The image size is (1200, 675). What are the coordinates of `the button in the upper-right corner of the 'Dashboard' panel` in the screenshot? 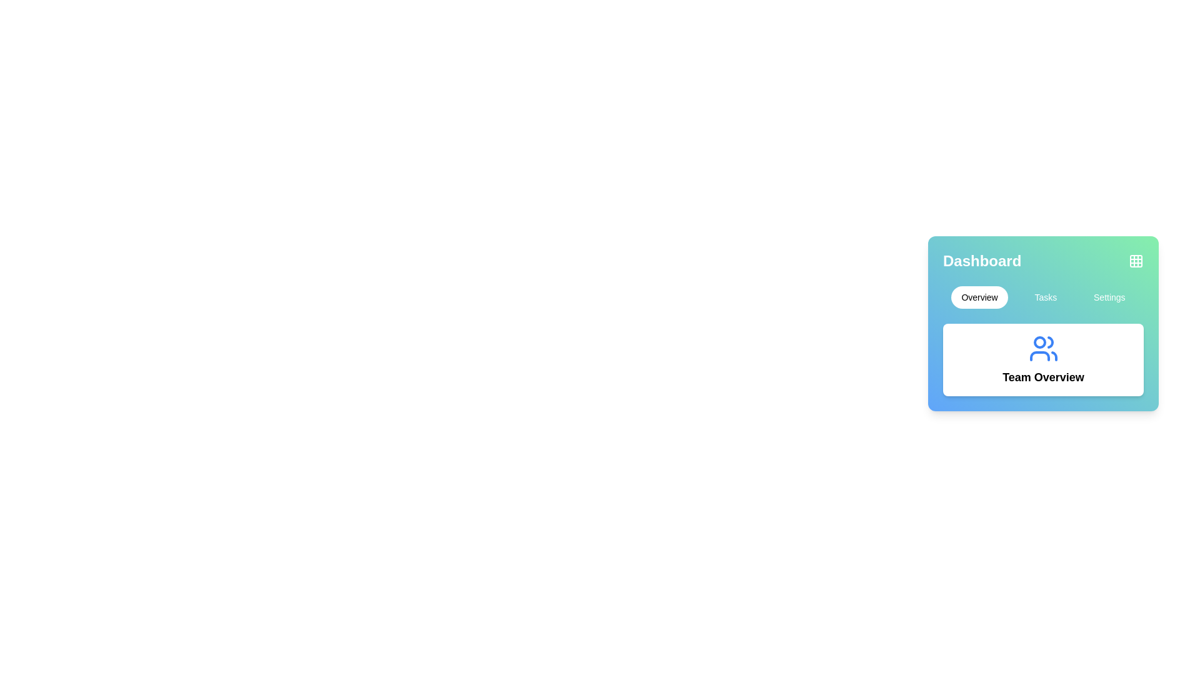 It's located at (1136, 260).